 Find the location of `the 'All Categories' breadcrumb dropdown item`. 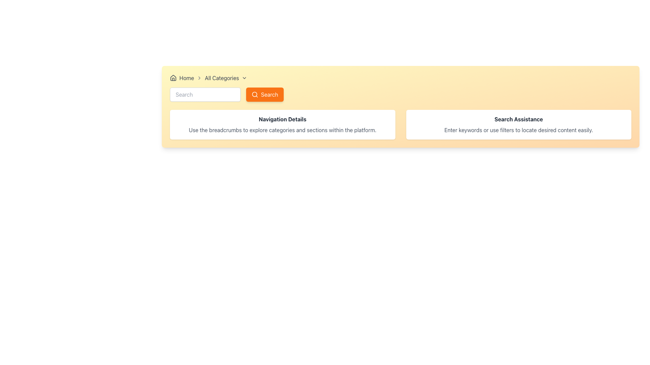

the 'All Categories' breadcrumb dropdown item is located at coordinates (226, 78).